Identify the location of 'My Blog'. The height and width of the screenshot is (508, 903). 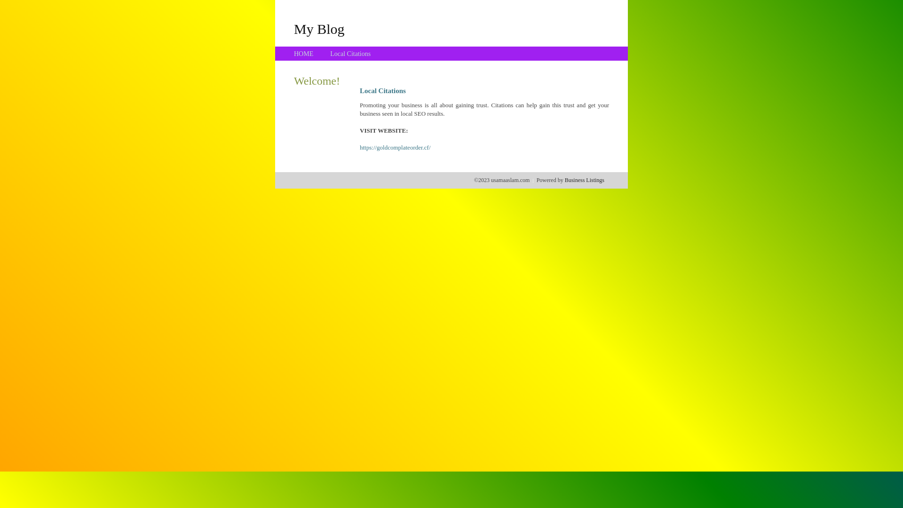
(319, 28).